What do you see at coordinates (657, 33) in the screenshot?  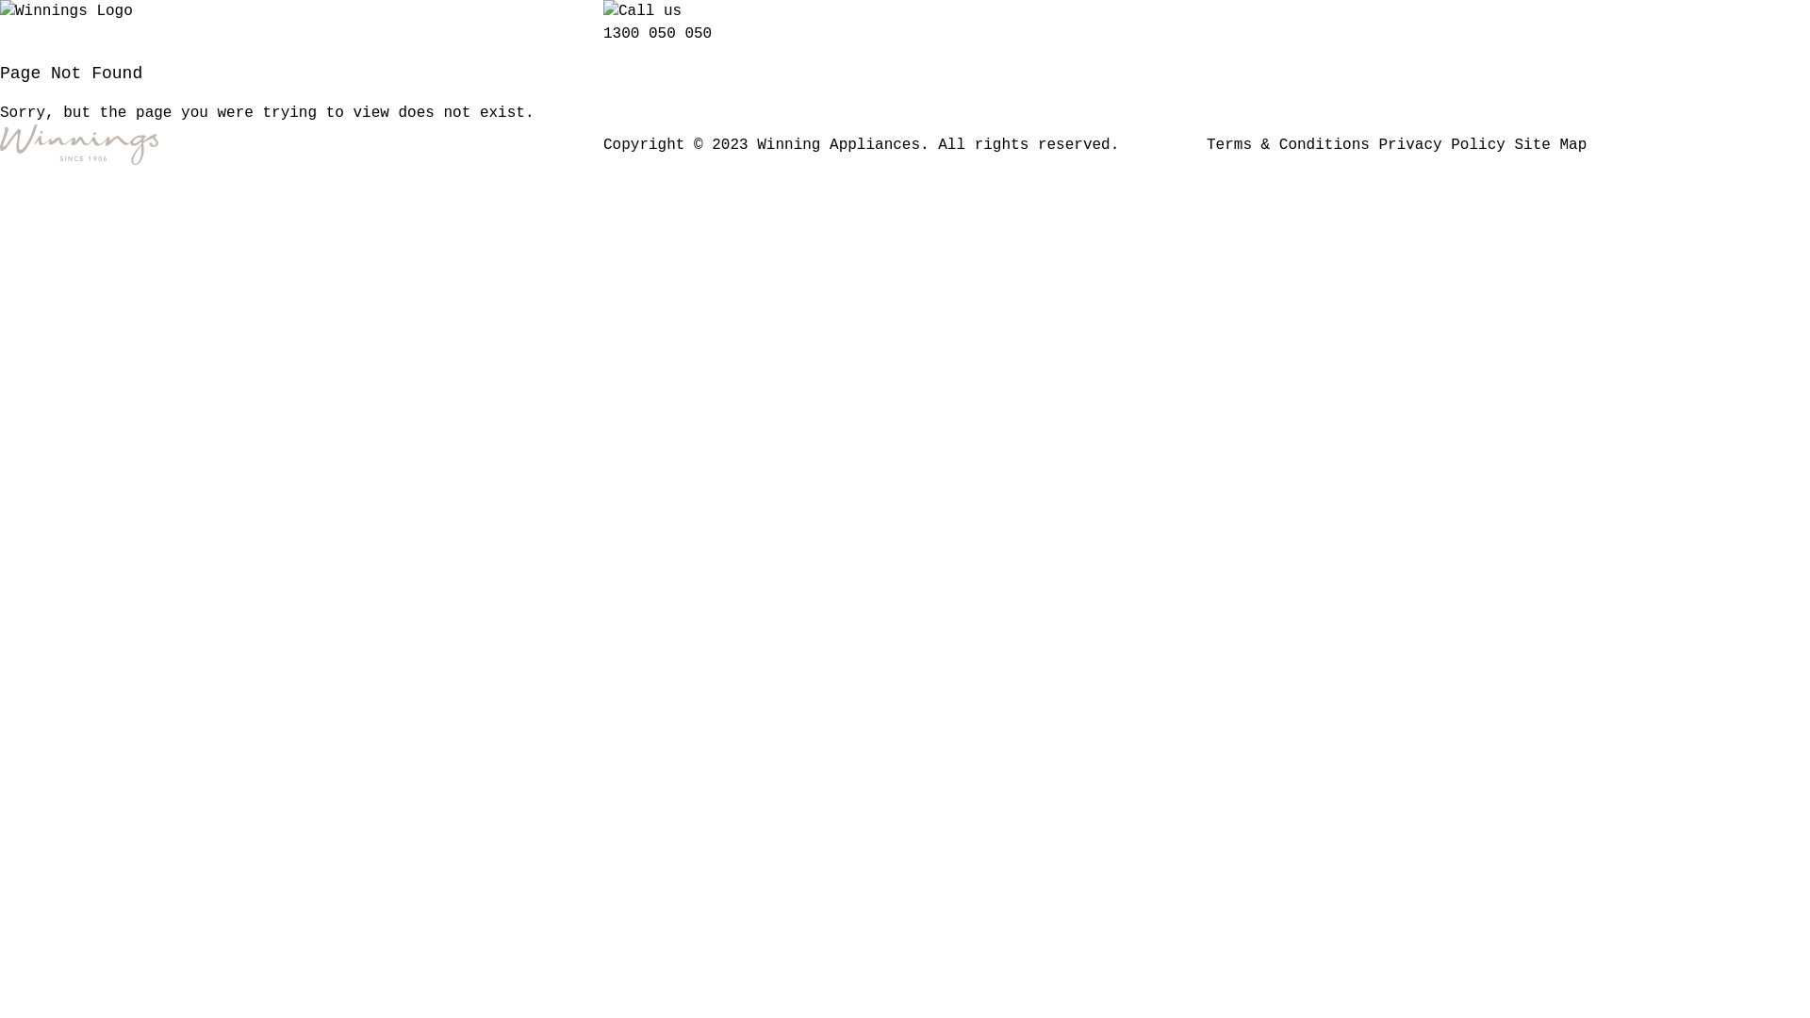 I see `'1300 050 050'` at bounding box center [657, 33].